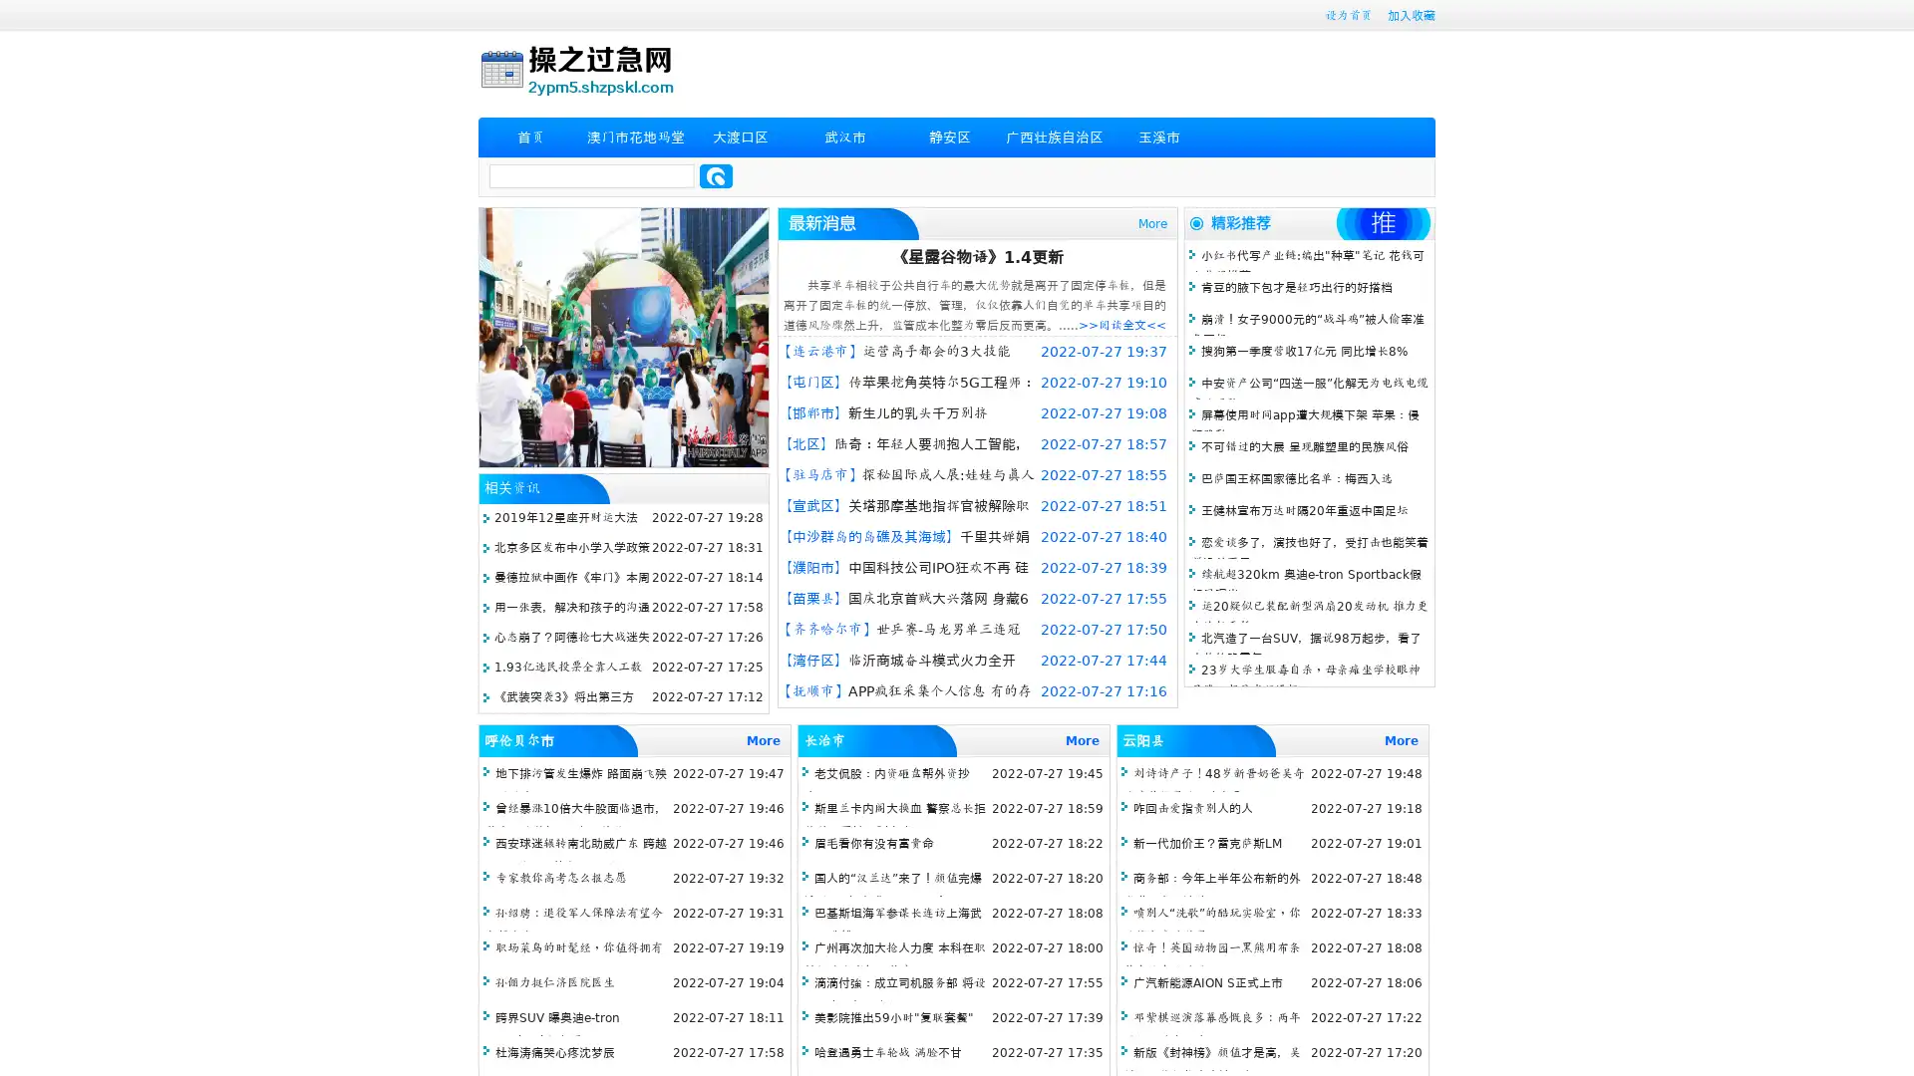 Image resolution: width=1914 pixels, height=1076 pixels. Describe the element at coordinates (716, 175) in the screenshot. I see `Search` at that location.